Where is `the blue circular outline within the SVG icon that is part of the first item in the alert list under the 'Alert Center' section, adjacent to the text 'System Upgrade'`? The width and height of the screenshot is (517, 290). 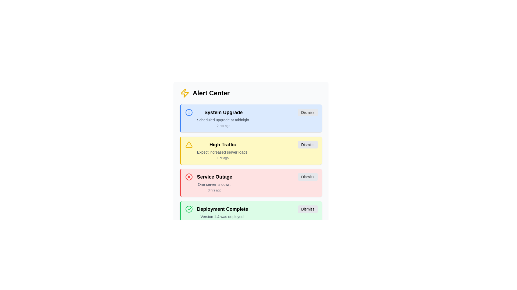
the blue circular outline within the SVG icon that is part of the first item in the alert list under the 'Alert Center' section, adjacent to the text 'System Upgrade' is located at coordinates (189, 112).